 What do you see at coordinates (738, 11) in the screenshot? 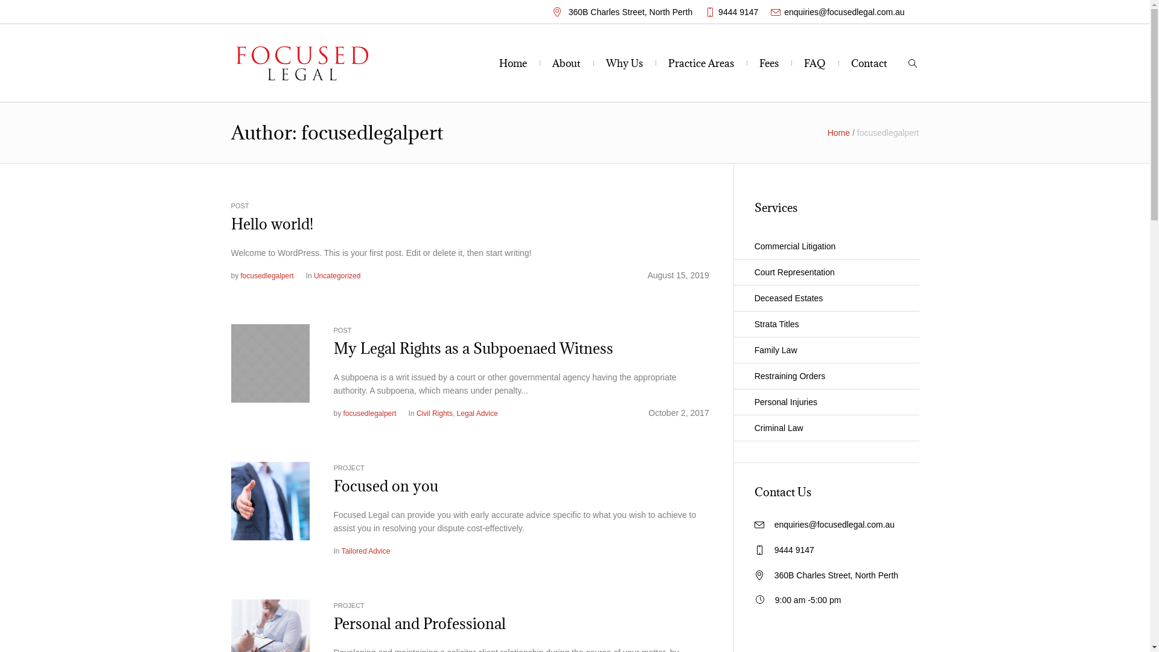
I see `'9444 9147'` at bounding box center [738, 11].